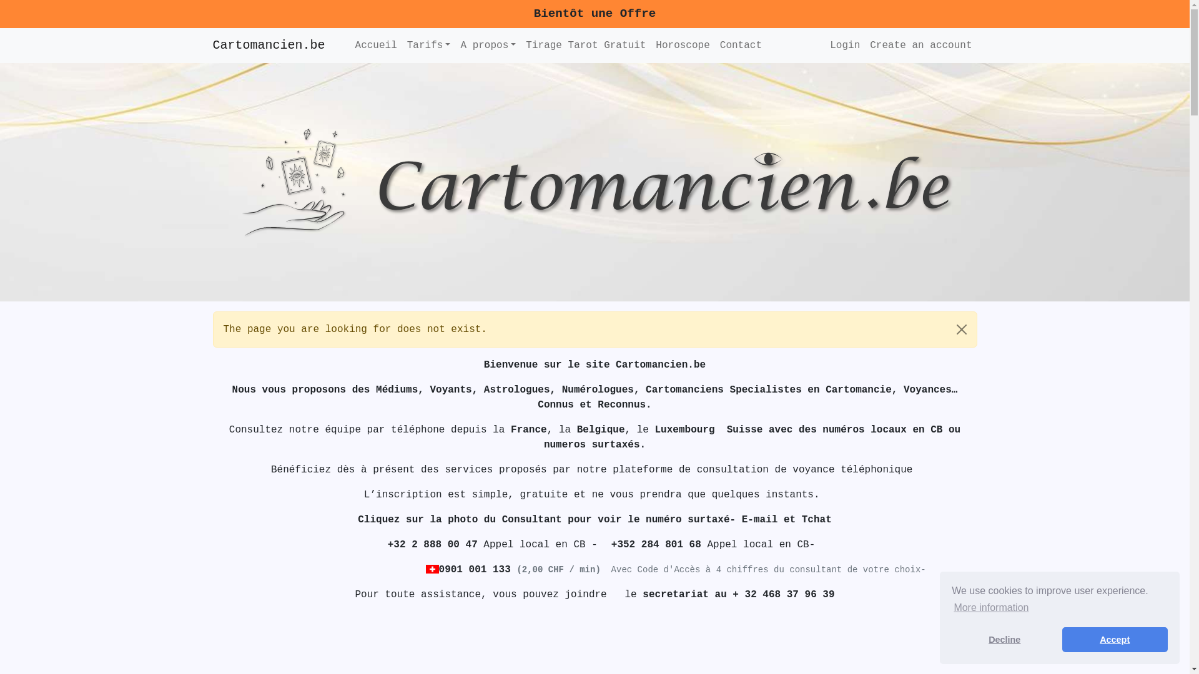  Describe the element at coordinates (487, 45) in the screenshot. I see `'A propos'` at that location.